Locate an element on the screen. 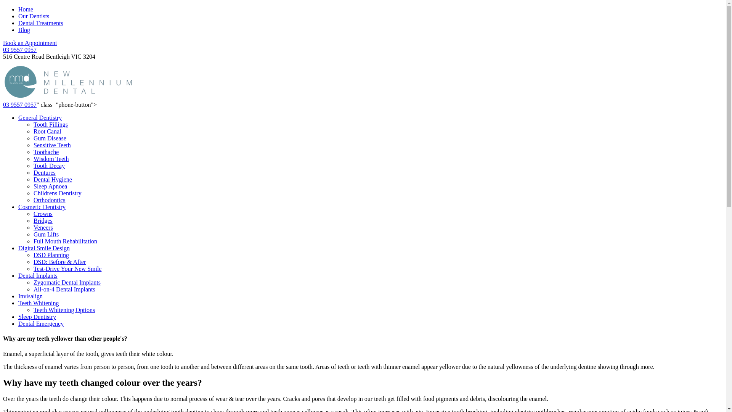 The height and width of the screenshot is (412, 732). 'Gum Lifts' is located at coordinates (45, 234).